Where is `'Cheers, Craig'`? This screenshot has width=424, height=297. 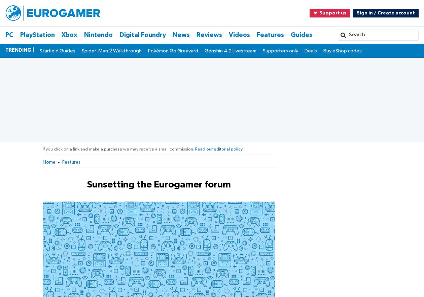
'Cheers, Craig' is located at coordinates (43, 65).